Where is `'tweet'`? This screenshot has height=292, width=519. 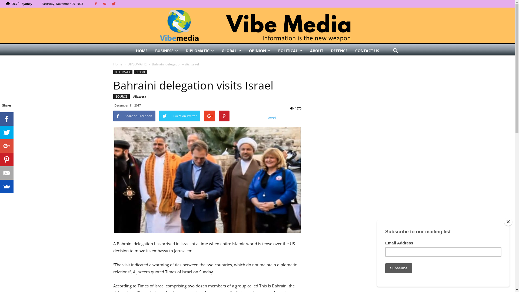
'tweet' is located at coordinates (271, 117).